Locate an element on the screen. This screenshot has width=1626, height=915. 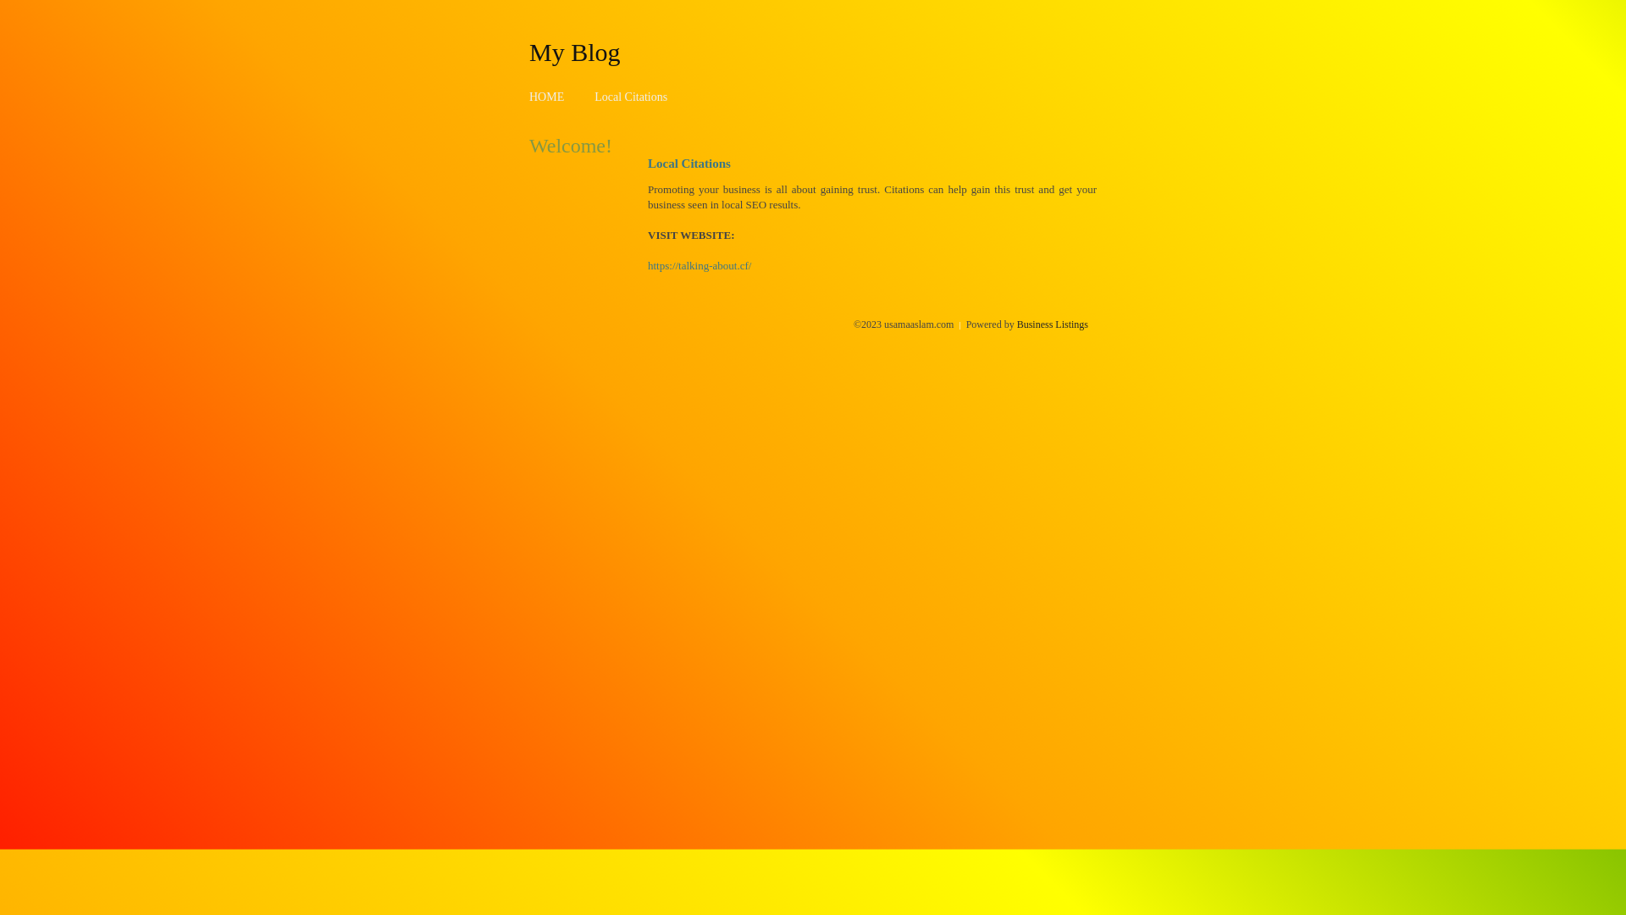
'My Blog' is located at coordinates (528, 51).